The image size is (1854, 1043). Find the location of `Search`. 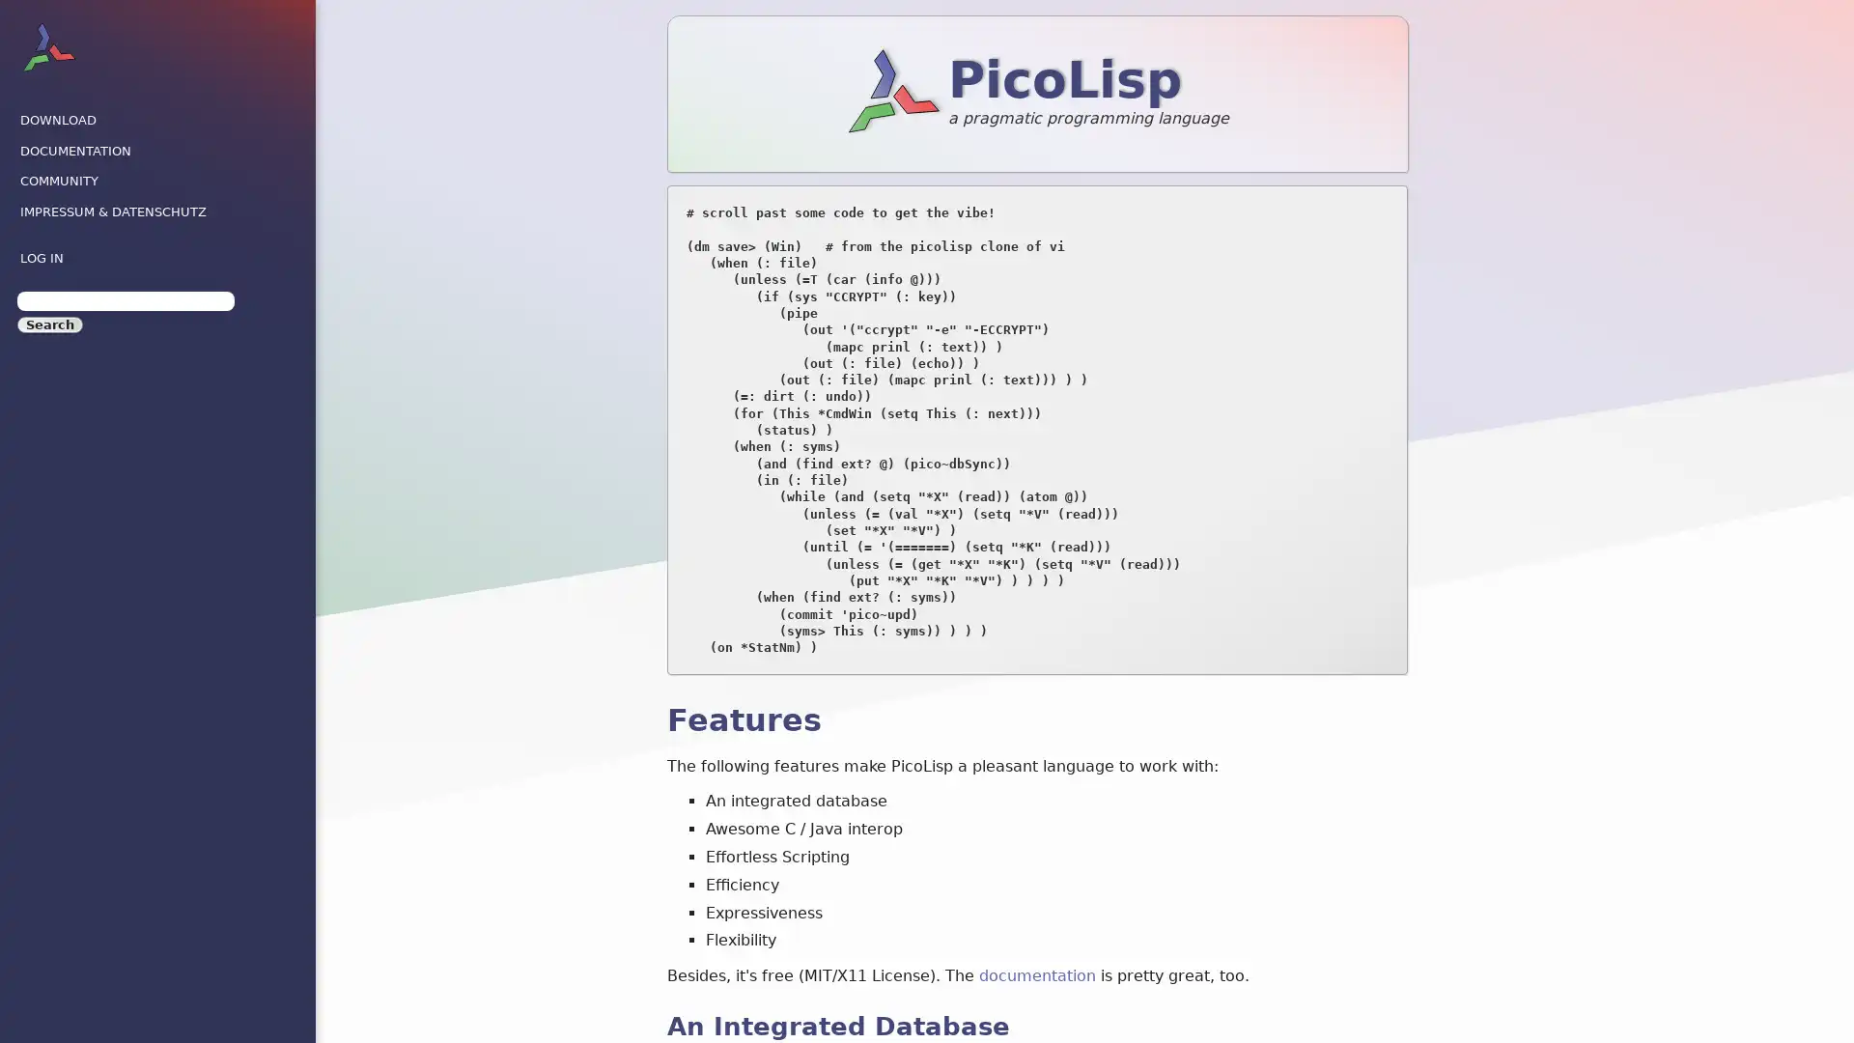

Search is located at coordinates (49, 323).